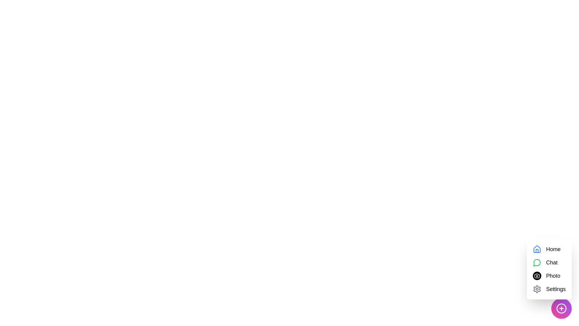  I want to click on the Chat option in the menu, so click(549, 262).